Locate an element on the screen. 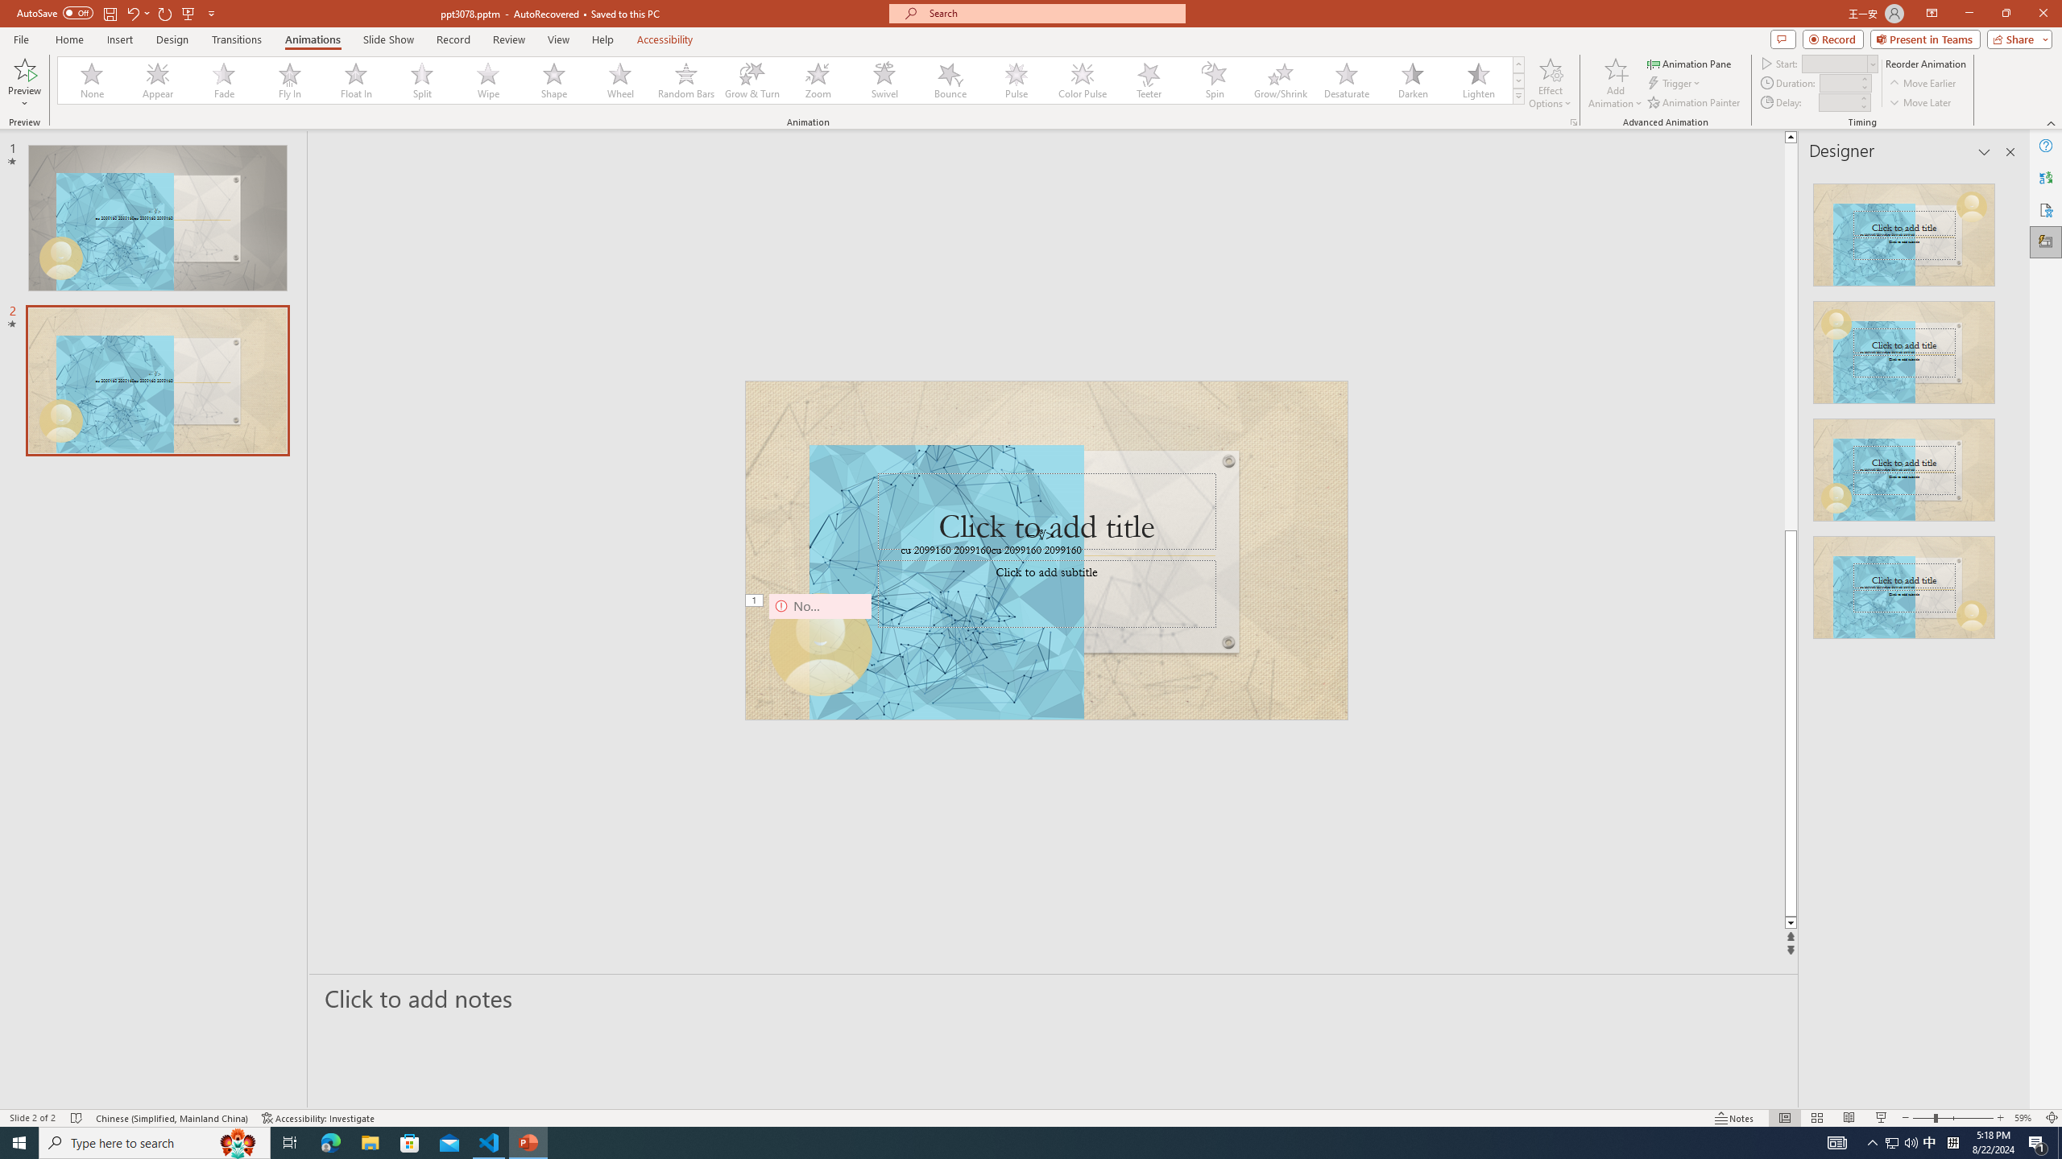  'Desaturate' is located at coordinates (1346, 80).